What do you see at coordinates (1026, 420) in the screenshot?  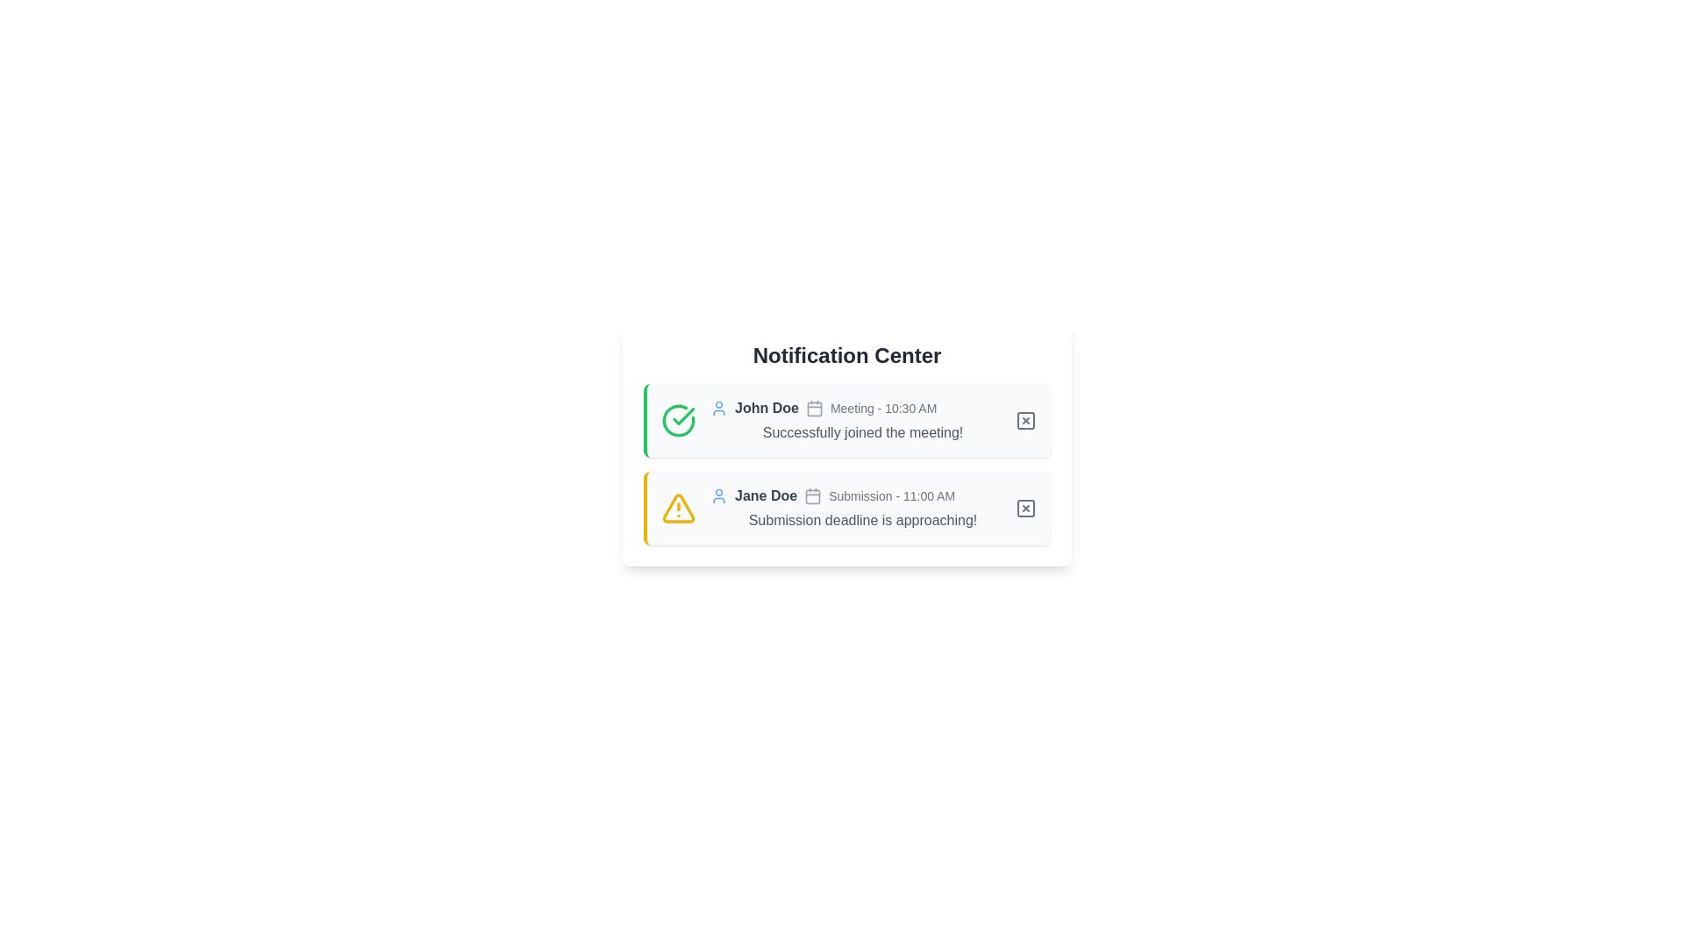 I see `the close button located at the top-right of the first notification card next to 'John Doe' and 'Meeting - 10:30 AM'` at bounding box center [1026, 420].